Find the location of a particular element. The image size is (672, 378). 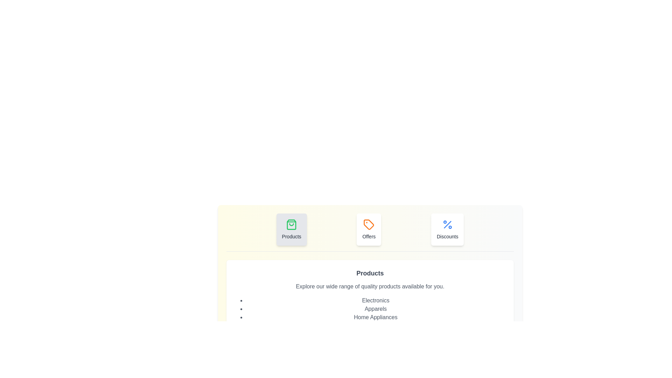

the tab labeled Discounts to switch to the respective category is located at coordinates (447, 229).